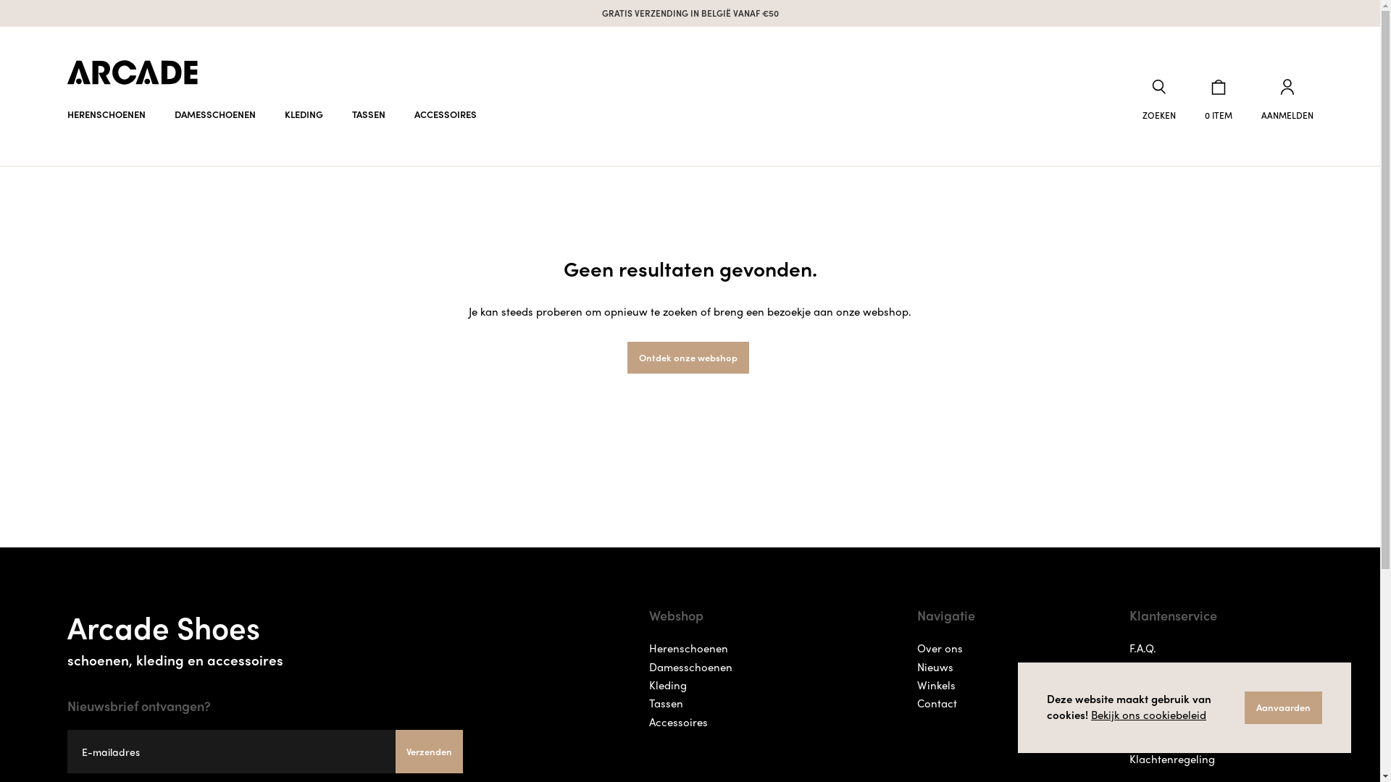  I want to click on 'Kleding', so click(667, 684).